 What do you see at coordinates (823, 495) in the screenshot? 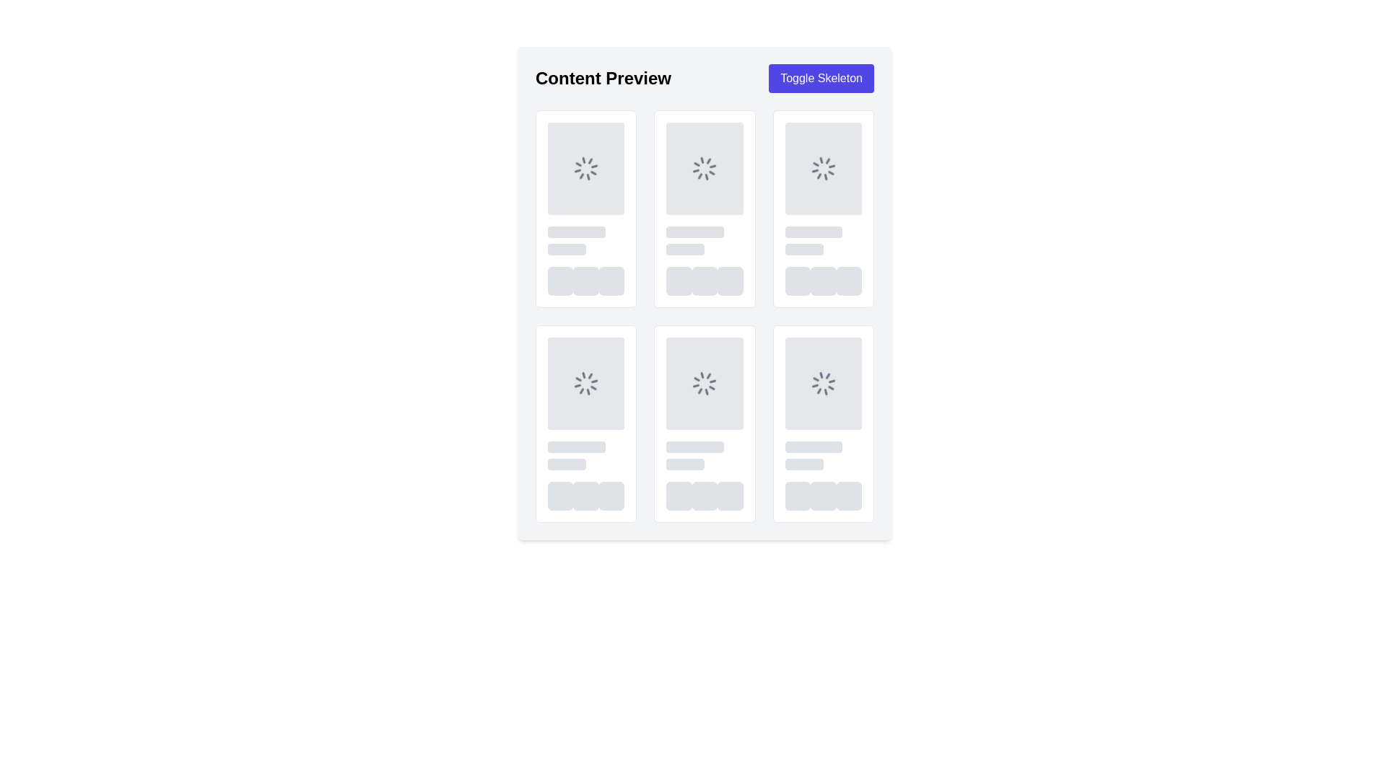
I see `the loading placeholder icons located at the bottom section of the rightmost card in the bottom row of a grid layout, which consists of three equally-sized square icons with a rounded border and gray background` at bounding box center [823, 495].